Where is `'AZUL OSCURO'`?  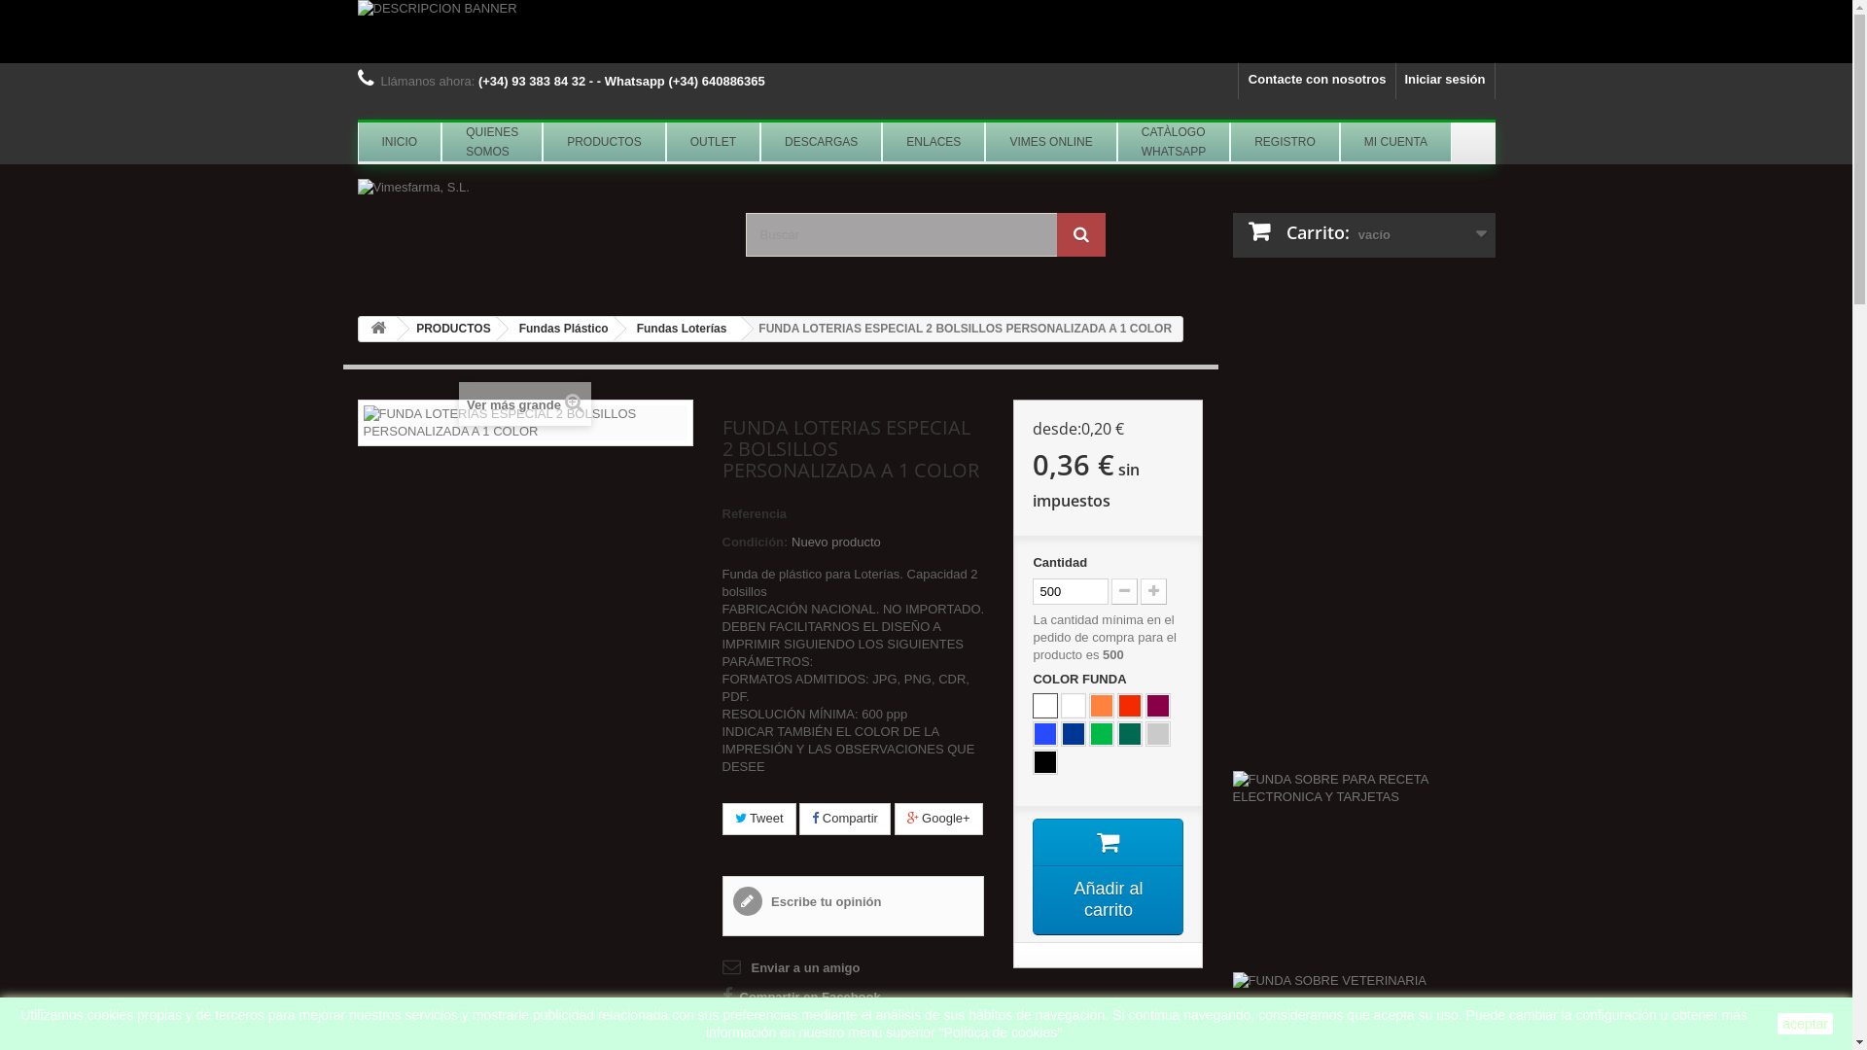 'AZUL OSCURO' is located at coordinates (1073, 734).